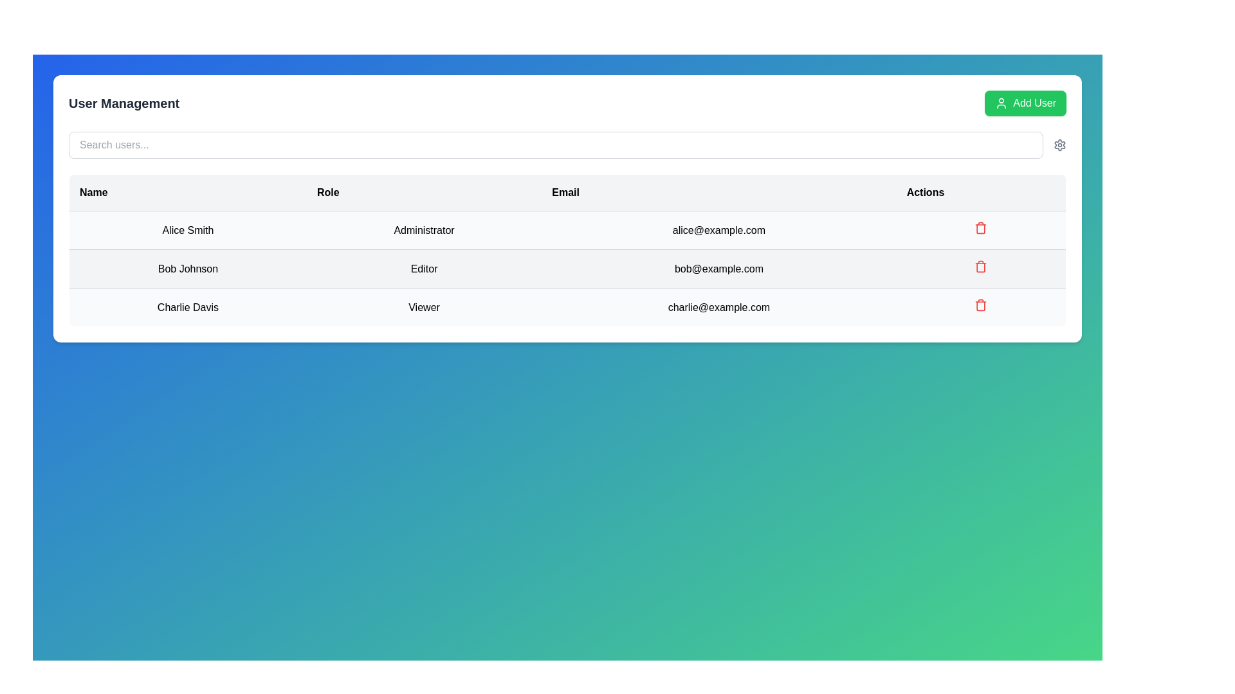  I want to click on text displayed in the Text label that shows 'Alice Smith', which is the first item in the Name column of the table under the 'User Management' title, so click(187, 229).